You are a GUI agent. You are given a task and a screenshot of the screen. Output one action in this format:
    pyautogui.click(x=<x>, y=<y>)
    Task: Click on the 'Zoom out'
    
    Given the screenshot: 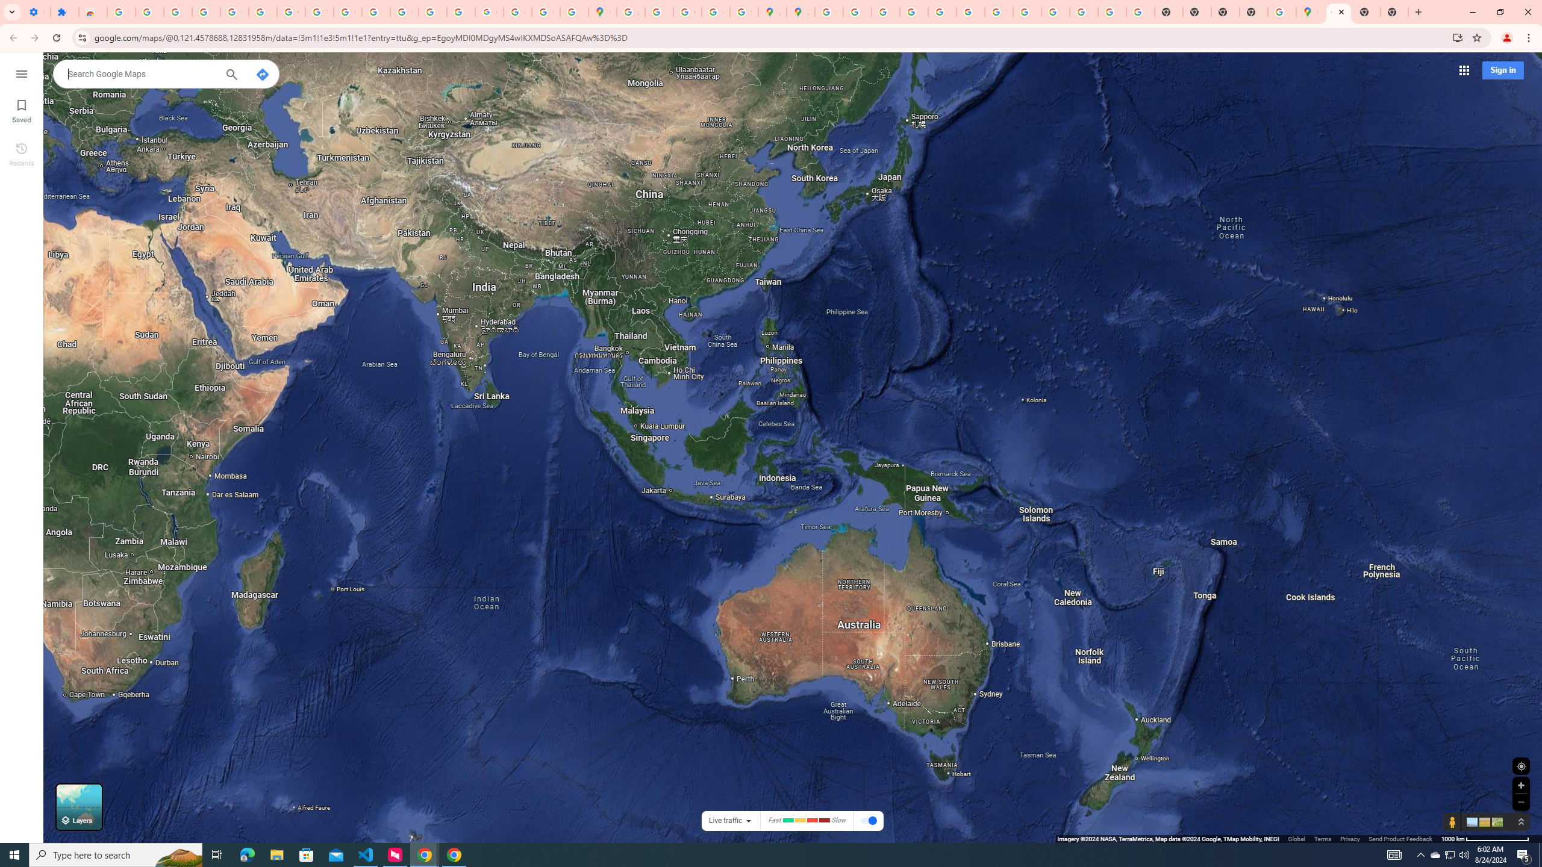 What is the action you would take?
    pyautogui.click(x=1520, y=802)
    